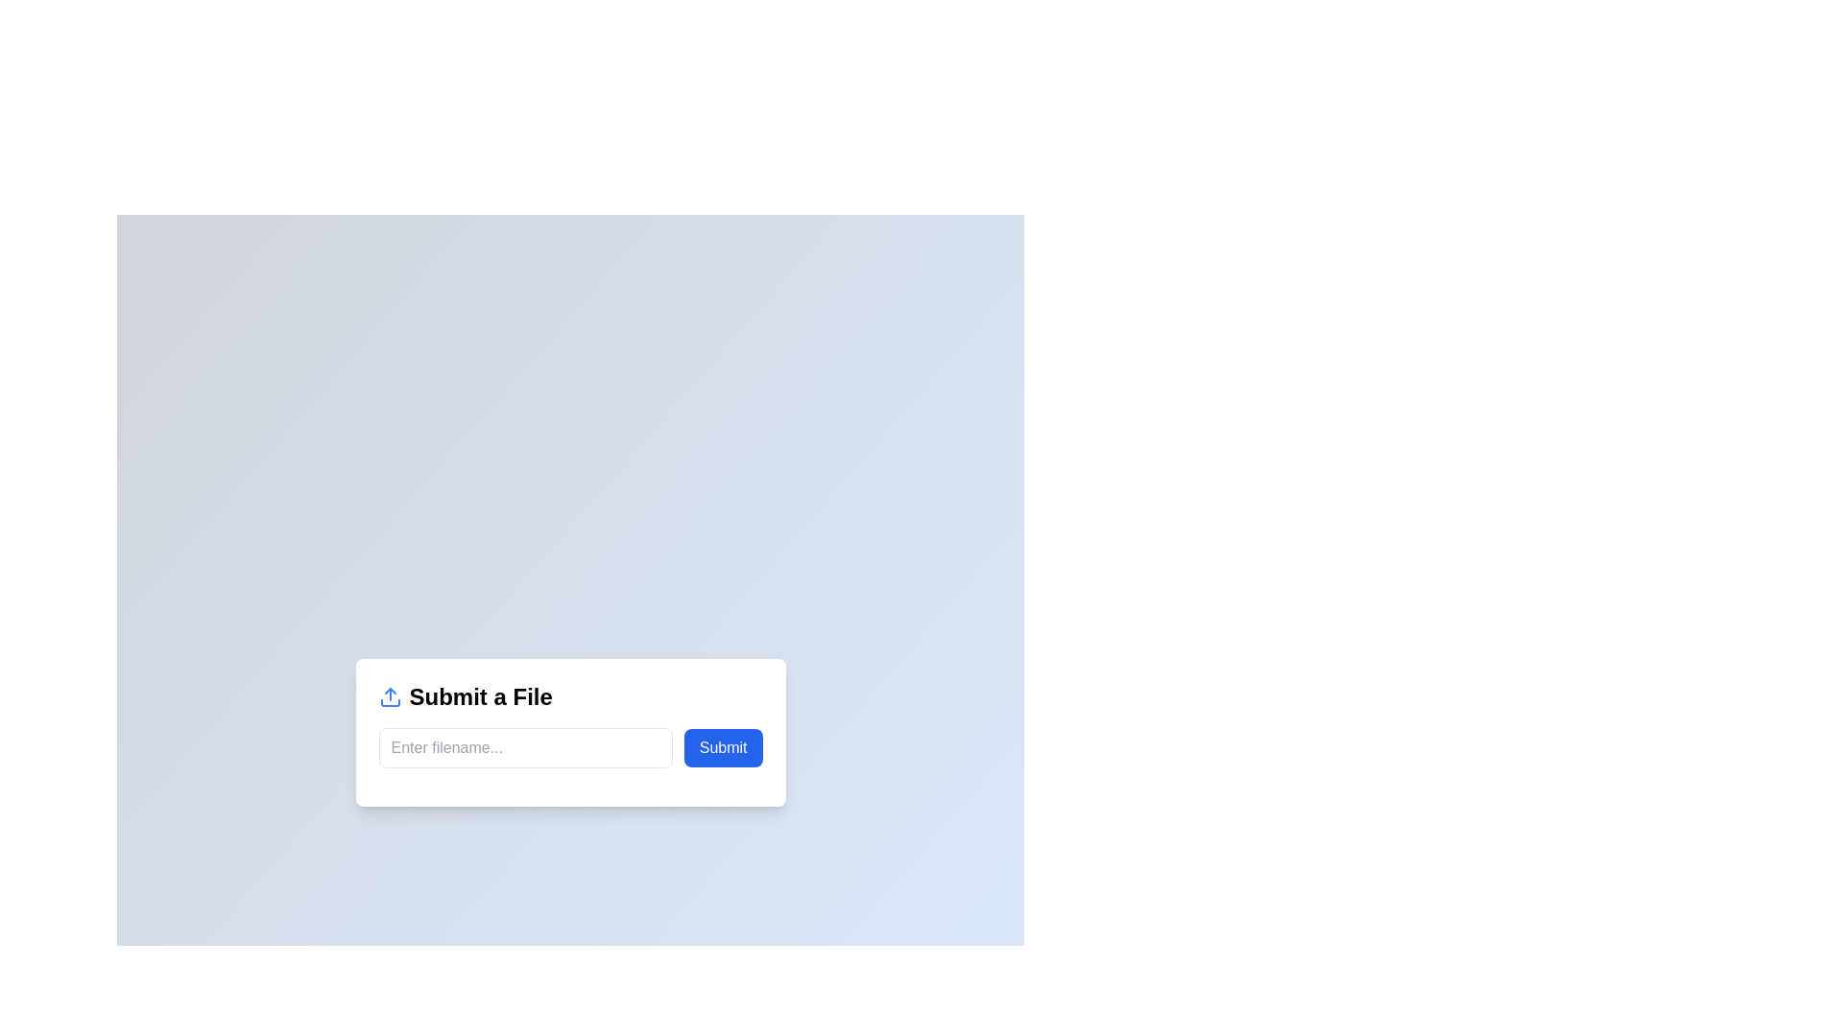 This screenshot has width=1843, height=1036. I want to click on the blue rectangular button with rounded corners labeled 'Submit' to observe the color change effect, so click(722, 746).